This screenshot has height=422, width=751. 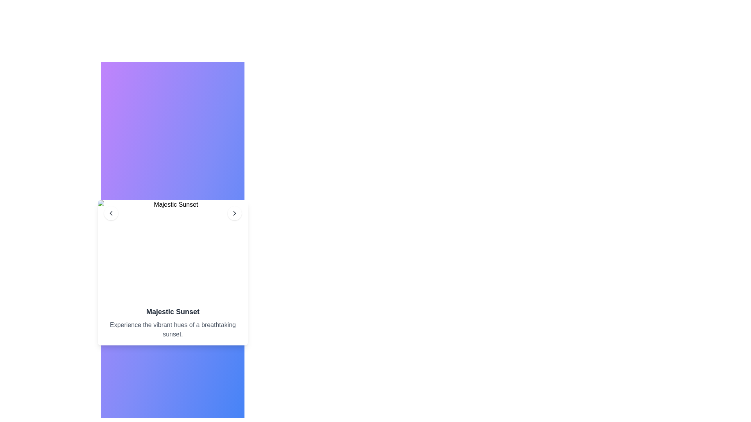 What do you see at coordinates (172, 330) in the screenshot?
I see `the text element displaying 'Experience the vibrant hues of a breathtaking sunset.' which is styled in gray and located below the title 'Majestic Sunset'` at bounding box center [172, 330].